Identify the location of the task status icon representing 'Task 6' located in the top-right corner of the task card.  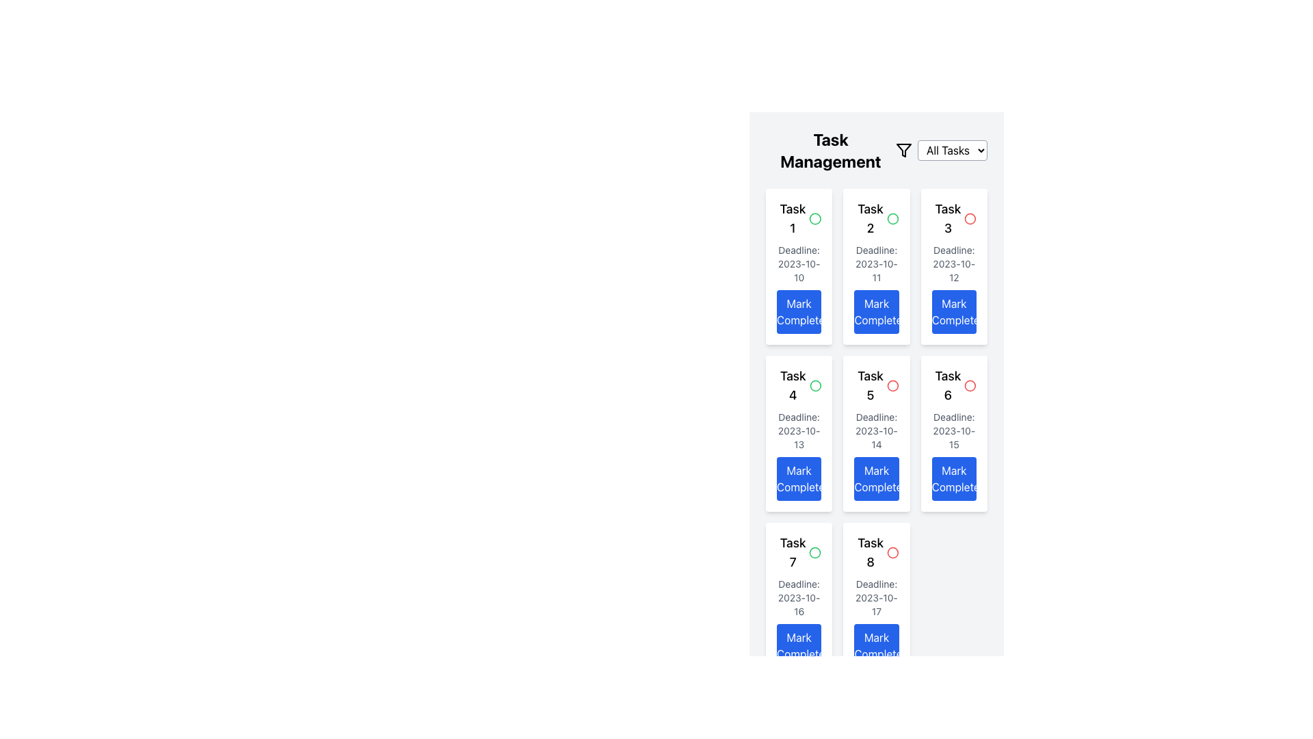
(970, 385).